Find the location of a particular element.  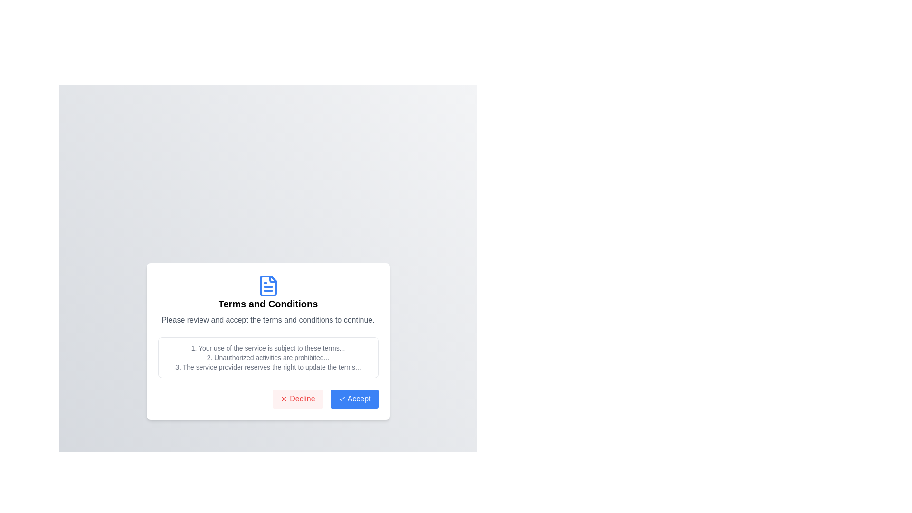

the acceptance button located at the bottom-right corner of the 'Terms and Conditions' card to confirm the user's acceptance is located at coordinates (353, 399).